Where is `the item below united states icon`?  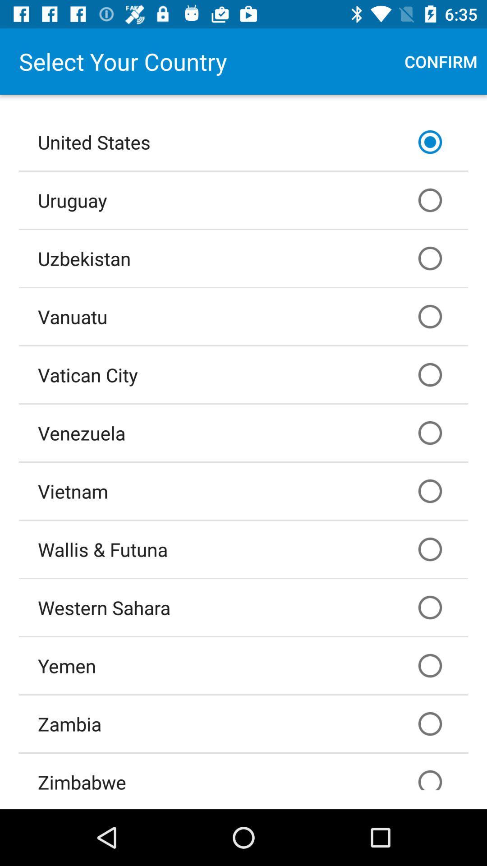
the item below united states icon is located at coordinates (243, 199).